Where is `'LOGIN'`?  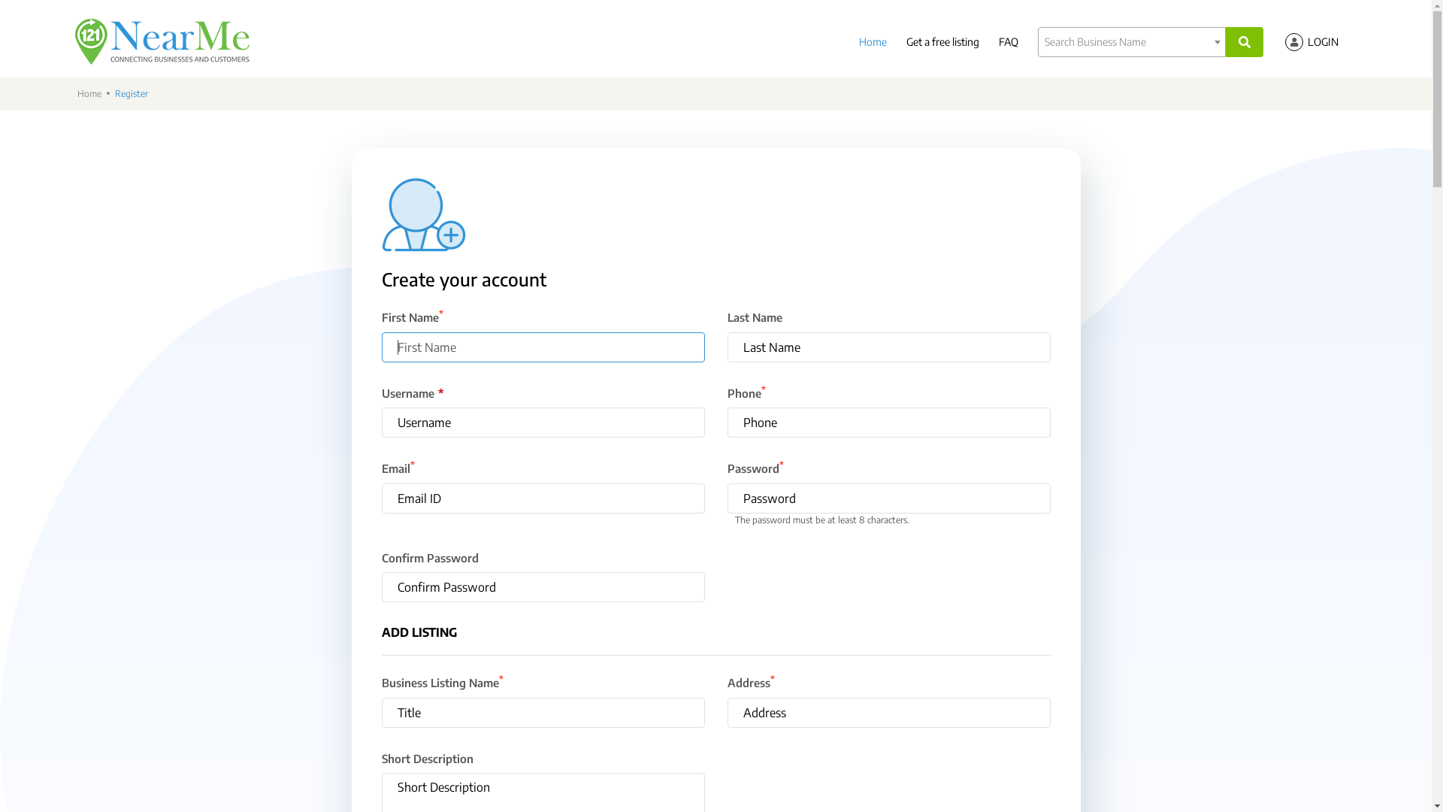 'LOGIN' is located at coordinates (1323, 40).